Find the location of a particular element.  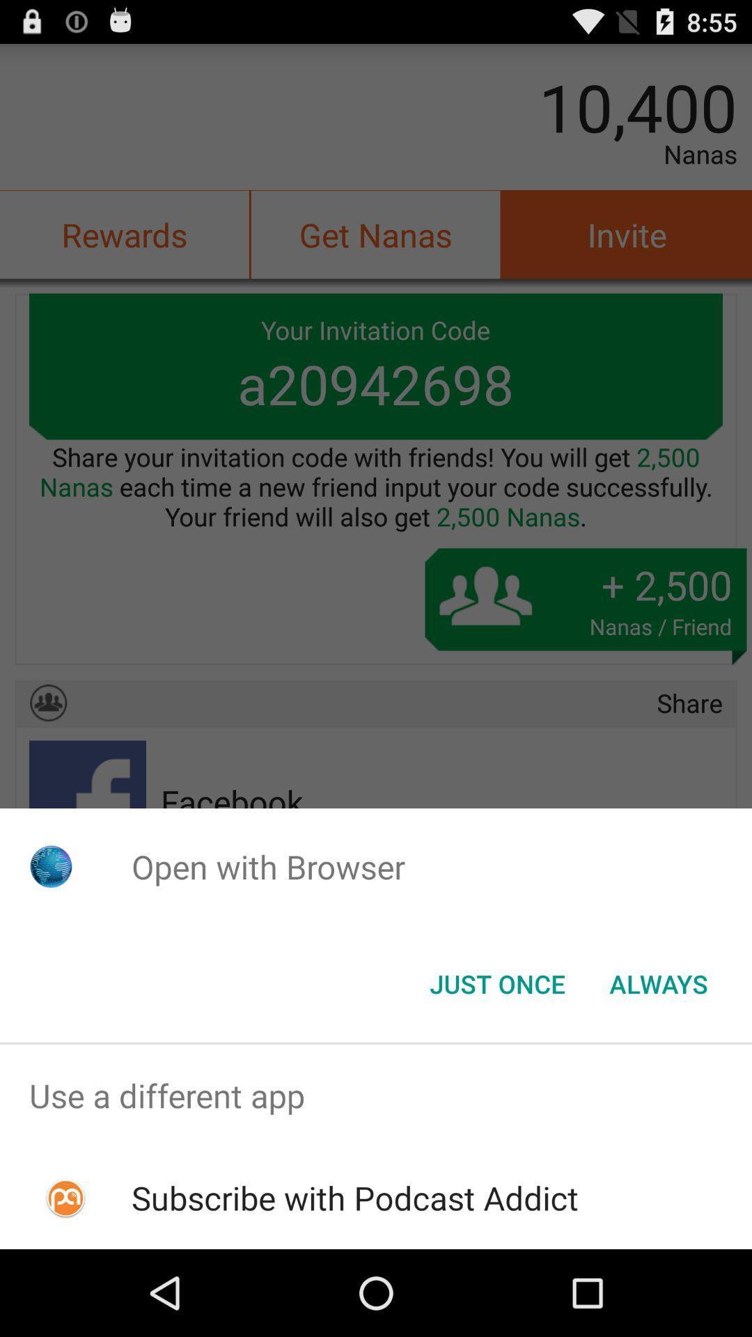

the icon below use a different app is located at coordinates (354, 1197).